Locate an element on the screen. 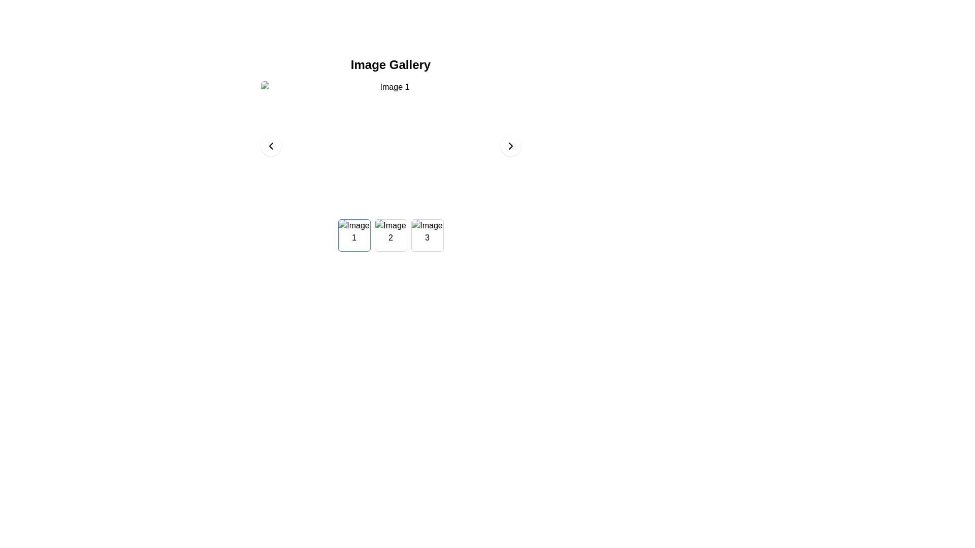  the circular button with a white background and black left-chevron icon, which serves as the left navigation button is located at coordinates (271, 146).